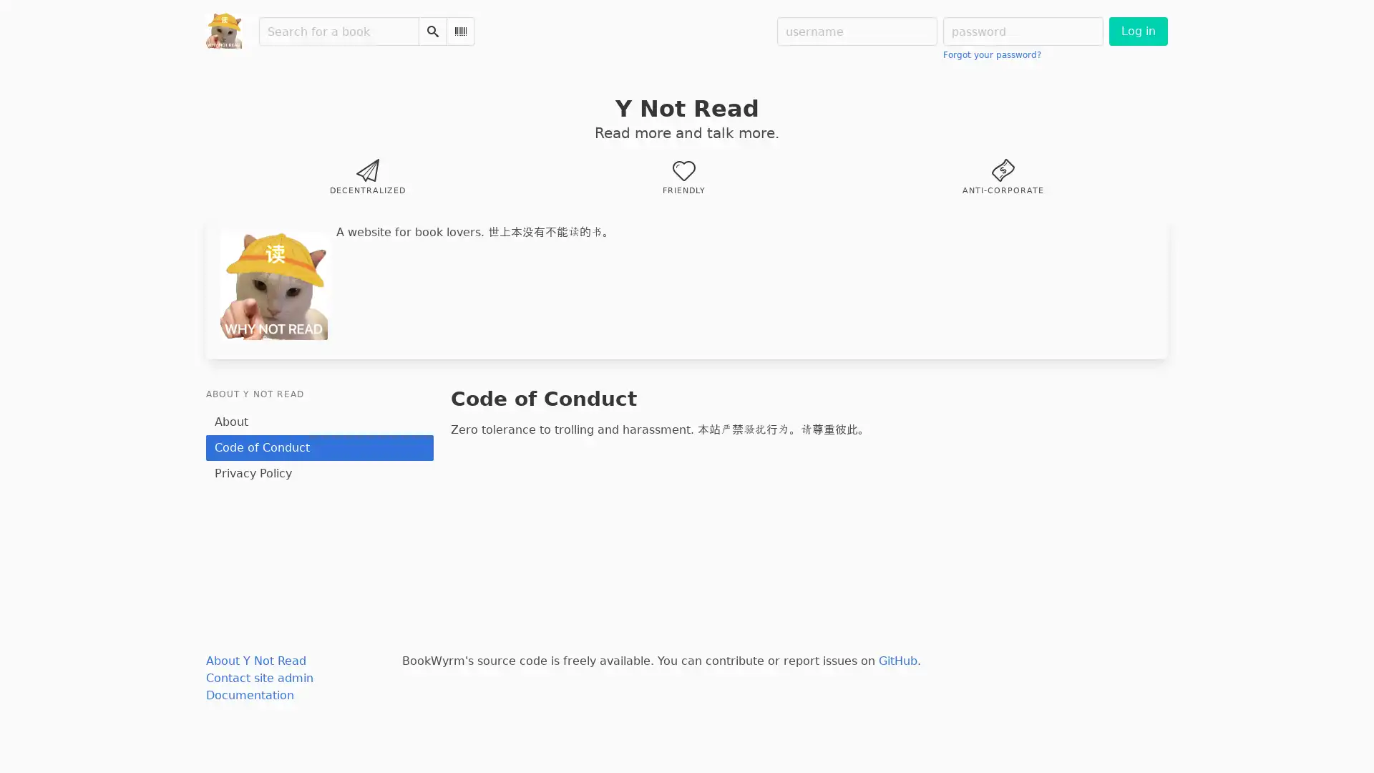  Describe the element at coordinates (460, 31) in the screenshot. I see `Scan Barcode` at that location.